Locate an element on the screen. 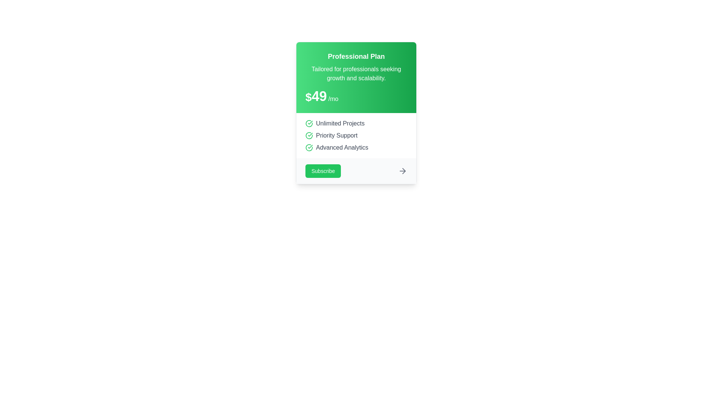 The width and height of the screenshot is (724, 407). the pricing information text for the 'Professional Plan' card, which is centrally located within the green header below the subtitle about growth and scalability is located at coordinates (356, 96).